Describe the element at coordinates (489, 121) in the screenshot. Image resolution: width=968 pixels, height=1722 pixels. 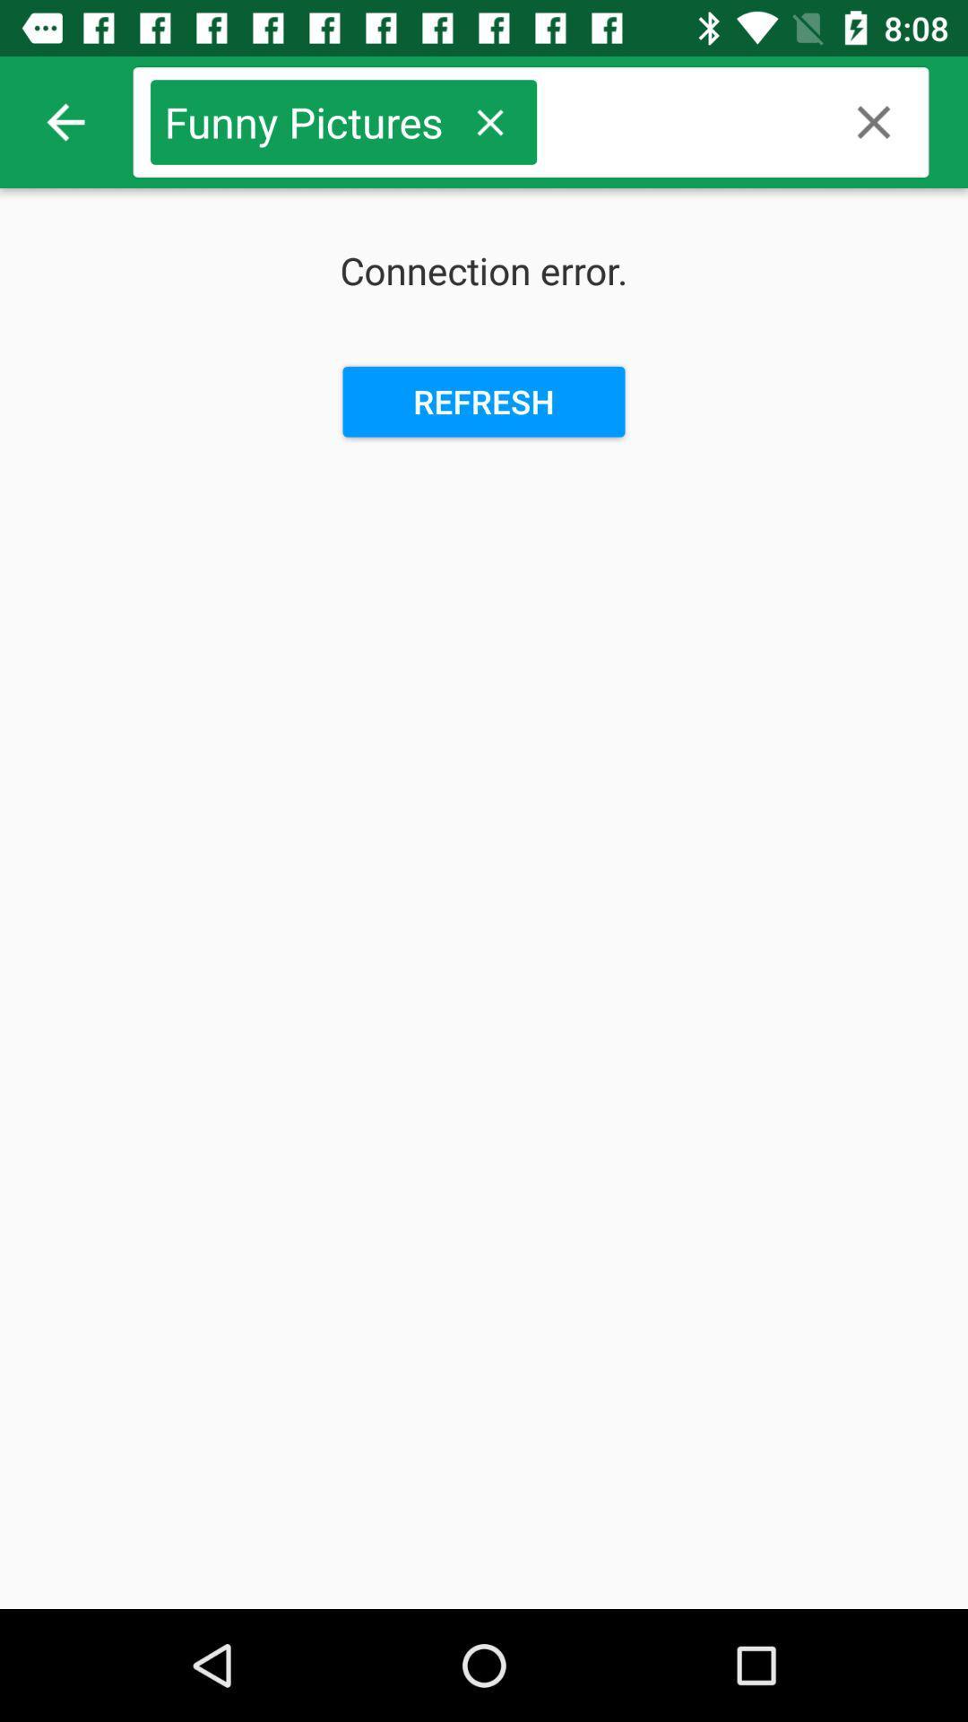
I see `icon above connection error. item` at that location.